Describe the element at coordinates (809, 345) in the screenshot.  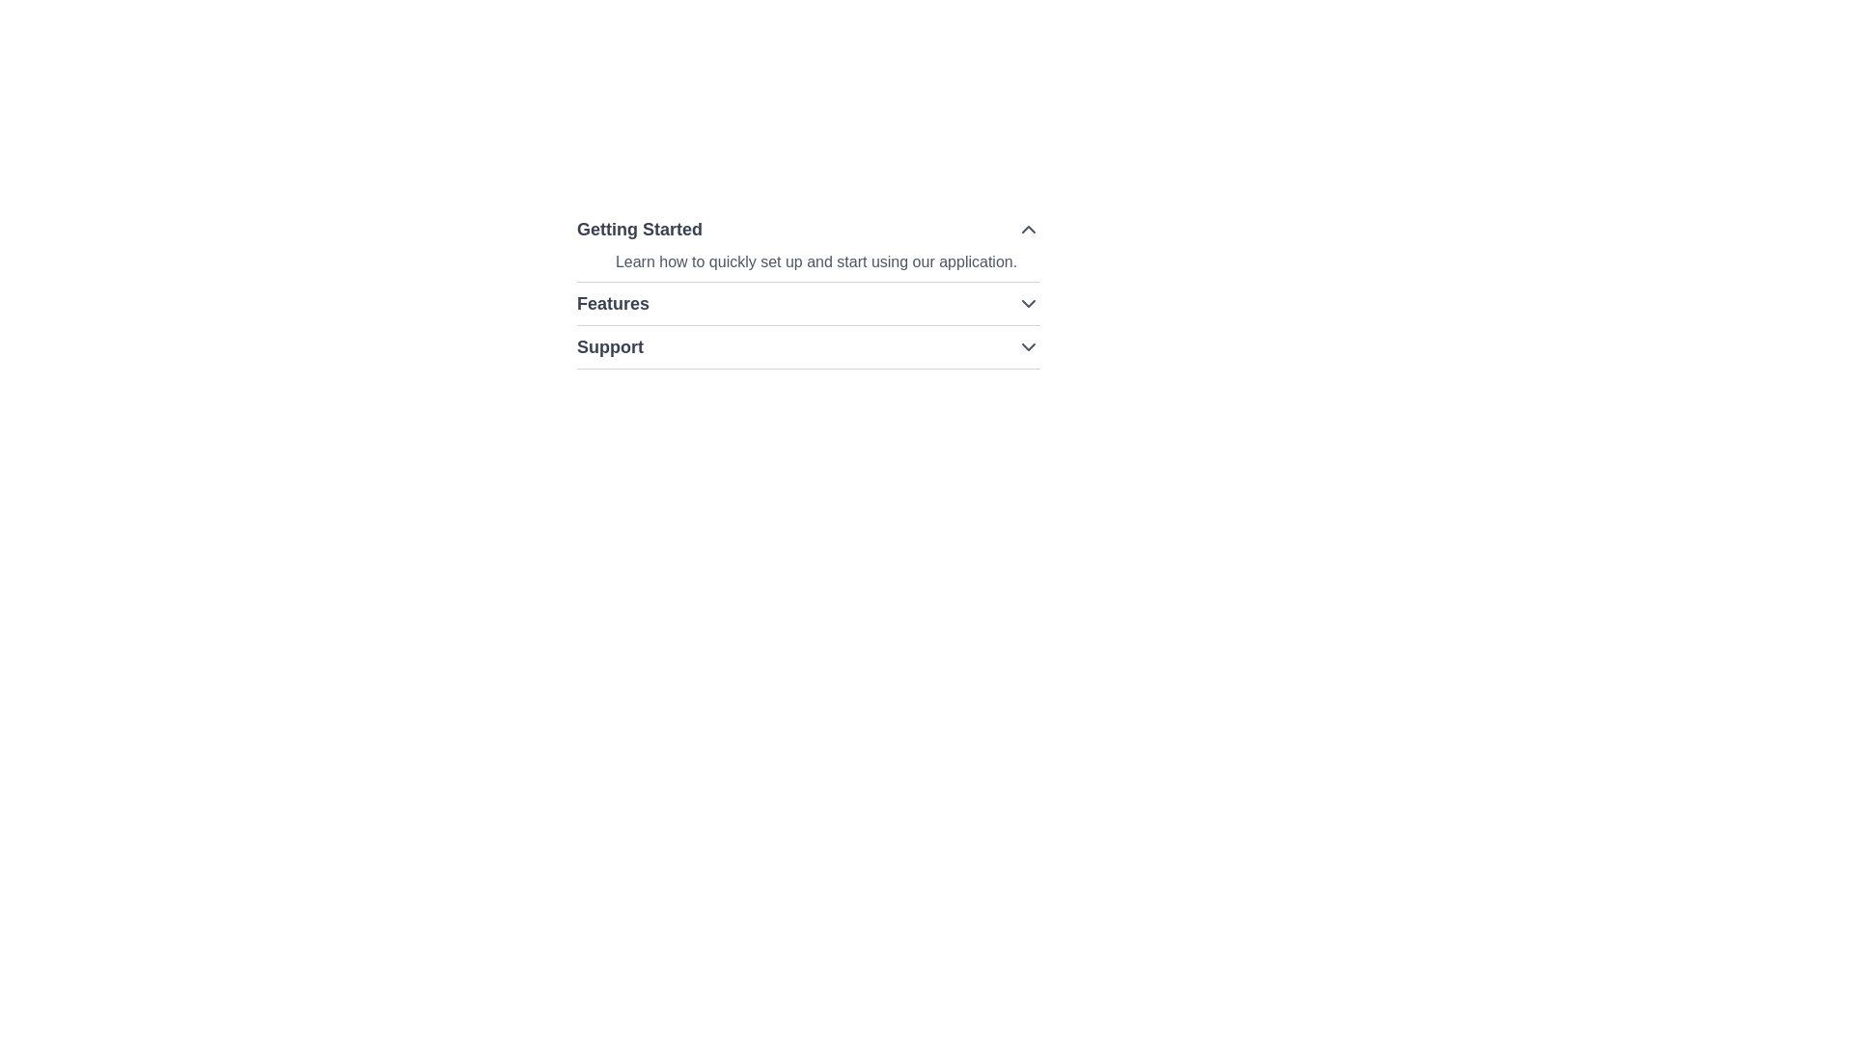
I see `the arrow of the Dropdown opener under 'Getting Started' in the 'Features' section` at that location.